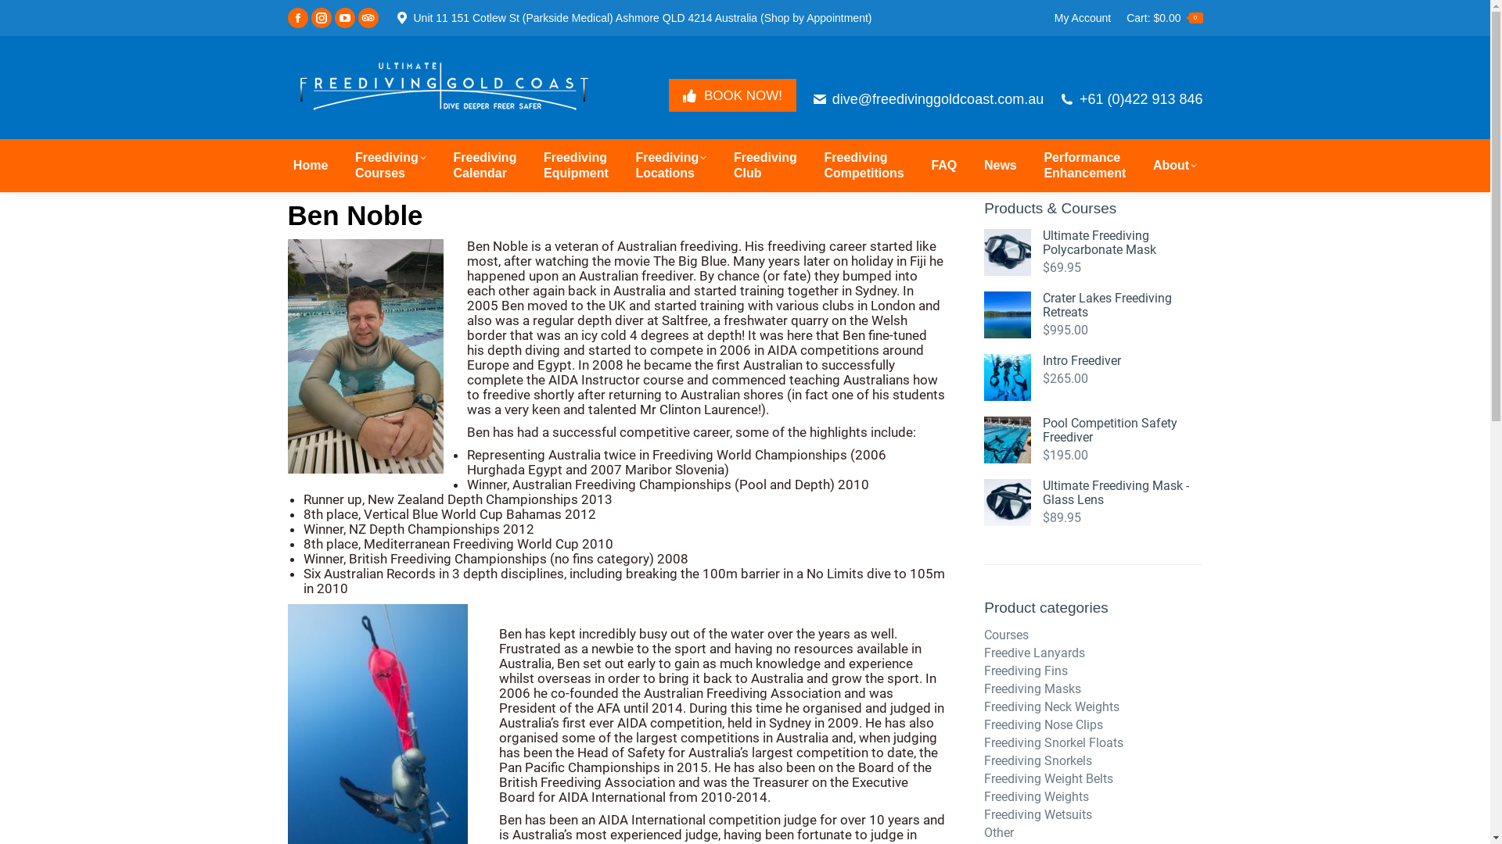 This screenshot has height=844, width=1502. Describe the element at coordinates (453, 166) in the screenshot. I see `'Freediving` at that location.